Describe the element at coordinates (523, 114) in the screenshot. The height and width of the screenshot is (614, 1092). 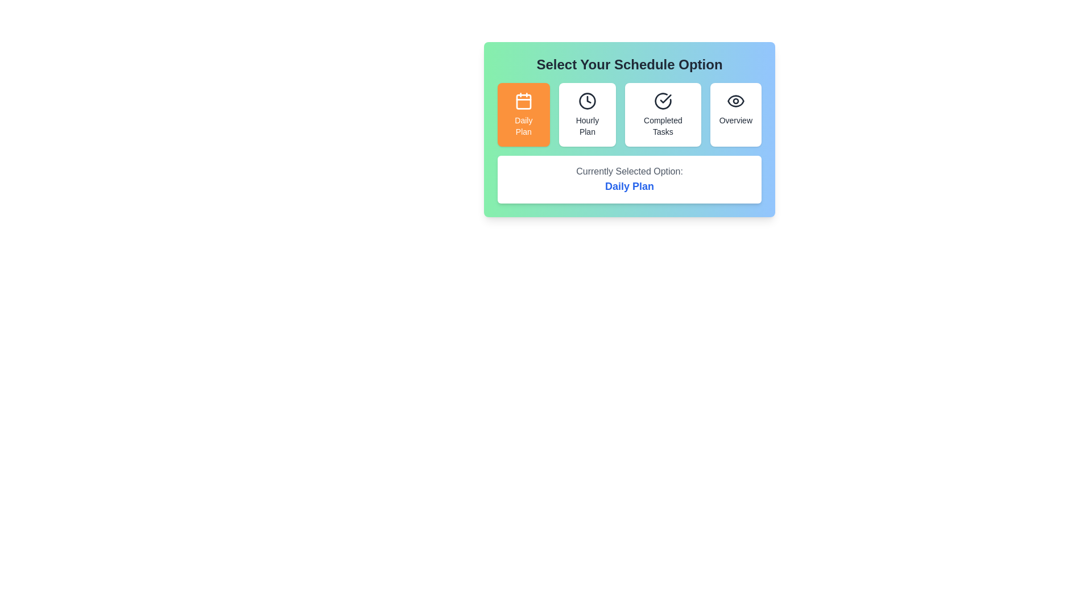
I see `the schedule option Daily Plan` at that location.